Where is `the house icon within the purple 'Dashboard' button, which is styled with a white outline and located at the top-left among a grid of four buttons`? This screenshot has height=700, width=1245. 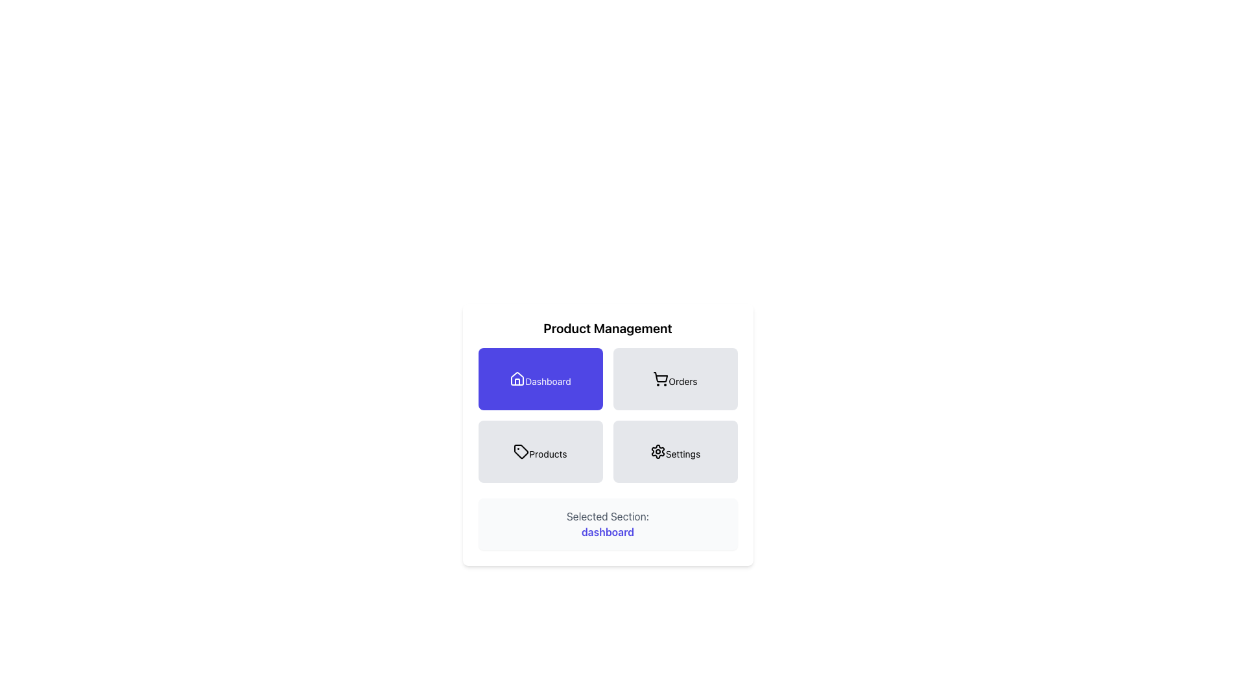 the house icon within the purple 'Dashboard' button, which is styled with a white outline and located at the top-left among a grid of four buttons is located at coordinates (517, 379).